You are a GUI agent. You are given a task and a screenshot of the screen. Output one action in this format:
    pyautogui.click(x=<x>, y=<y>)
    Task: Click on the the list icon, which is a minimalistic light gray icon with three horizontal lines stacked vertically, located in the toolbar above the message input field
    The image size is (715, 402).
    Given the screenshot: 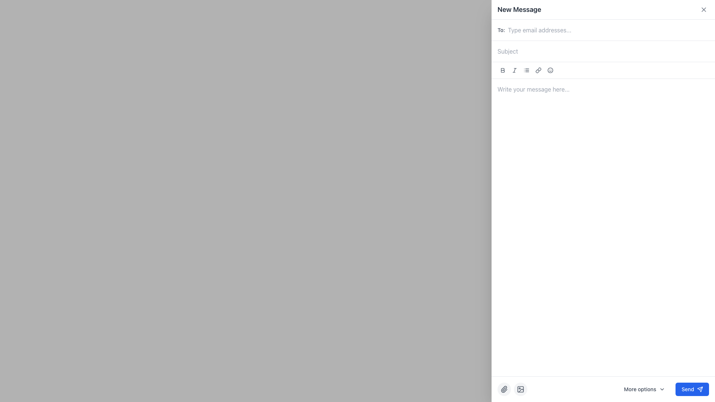 What is the action you would take?
    pyautogui.click(x=526, y=70)
    